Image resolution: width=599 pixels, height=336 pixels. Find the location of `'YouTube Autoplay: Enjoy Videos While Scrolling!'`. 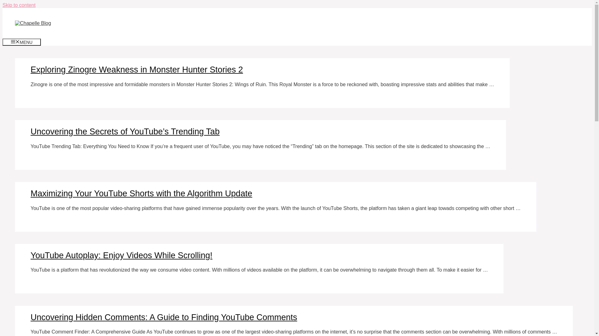

'YouTube Autoplay: Enjoy Videos While Scrolling!' is located at coordinates (121, 255).